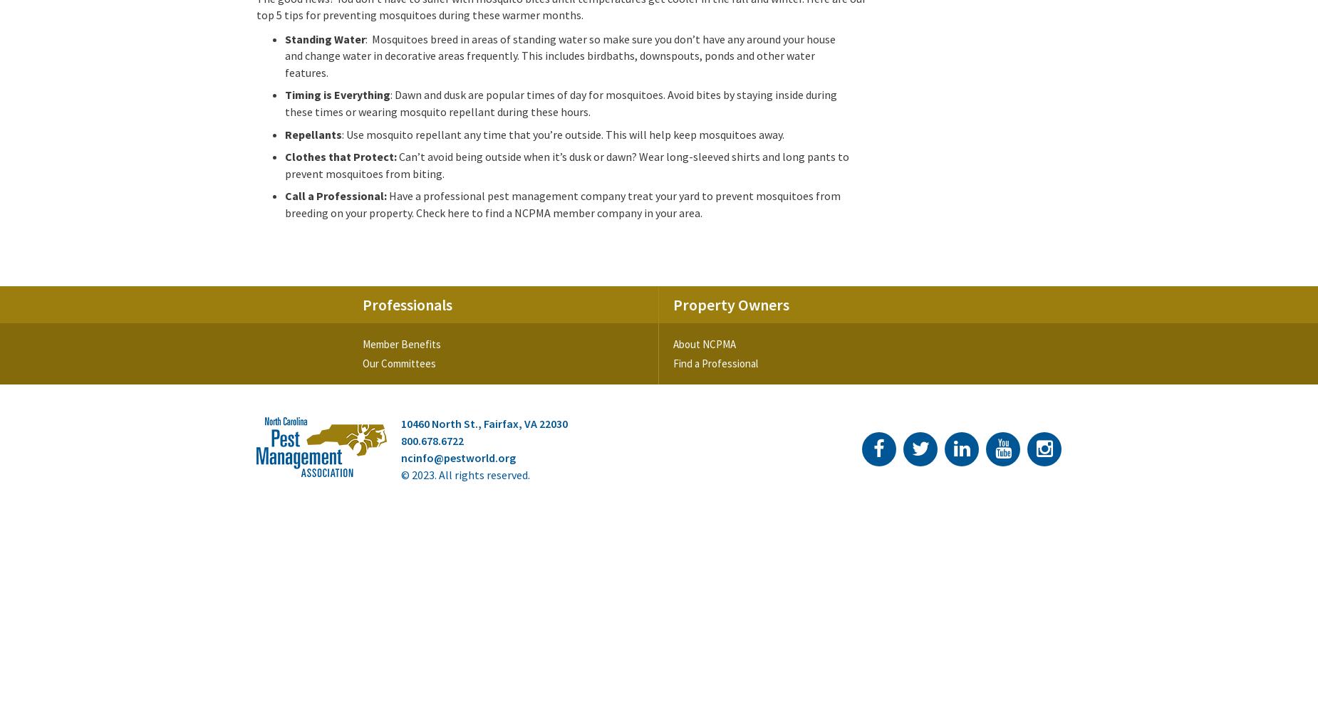 This screenshot has width=1318, height=712. Describe the element at coordinates (563, 134) in the screenshot. I see `': Use mosquito repellant any time that you’re outside. This will help keep mosquitoes away.'` at that location.